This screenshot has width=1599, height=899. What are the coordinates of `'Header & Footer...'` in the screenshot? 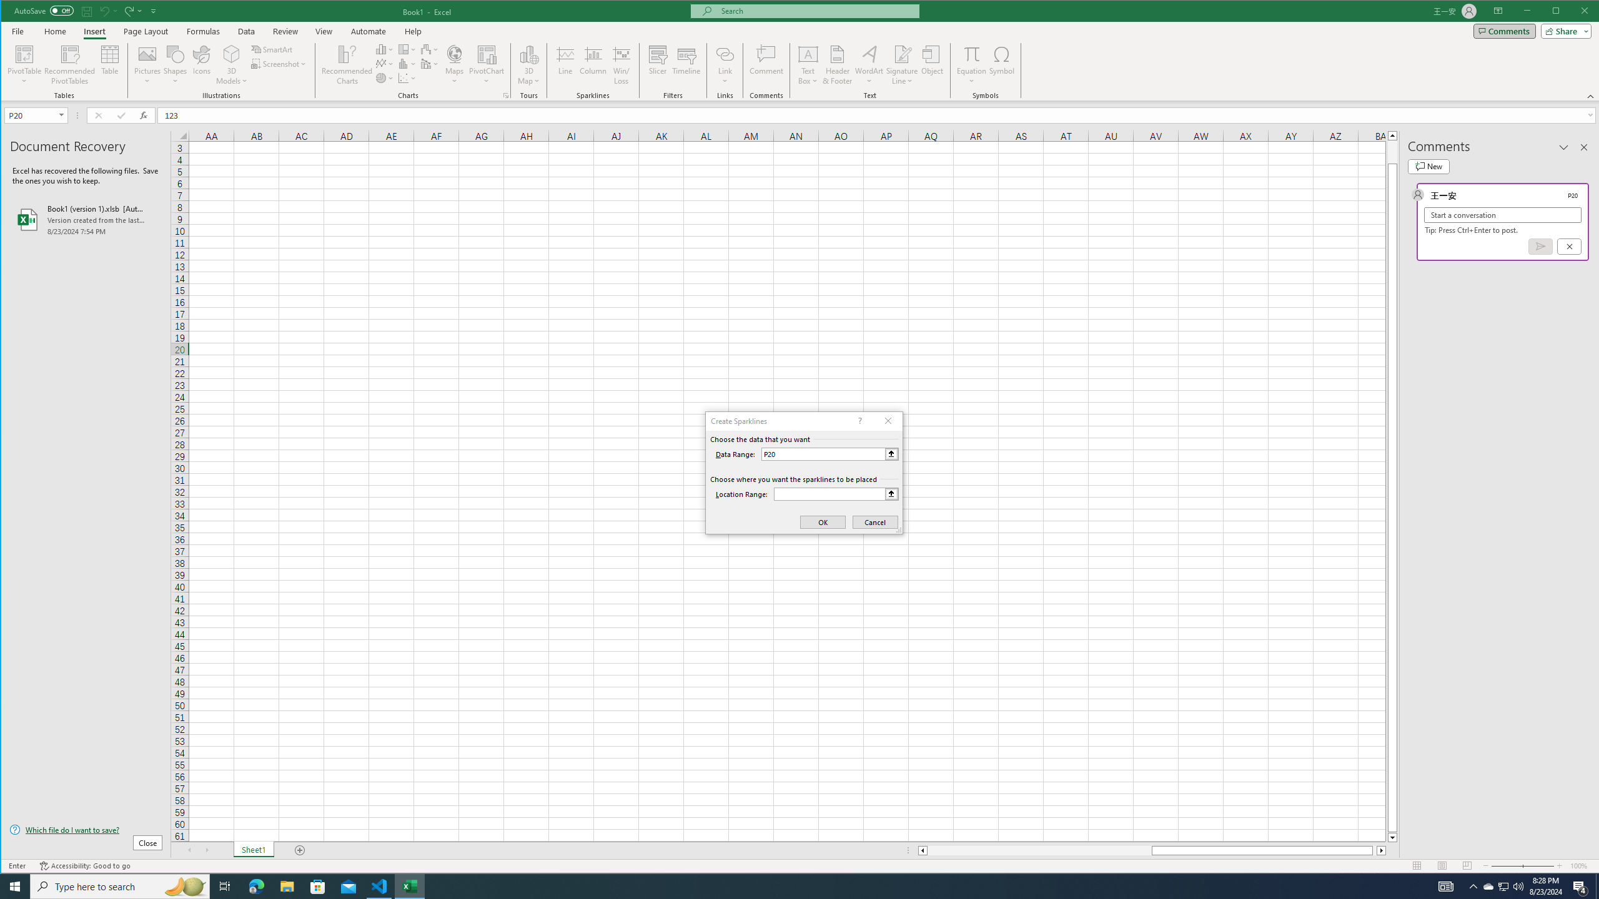 It's located at (838, 64).